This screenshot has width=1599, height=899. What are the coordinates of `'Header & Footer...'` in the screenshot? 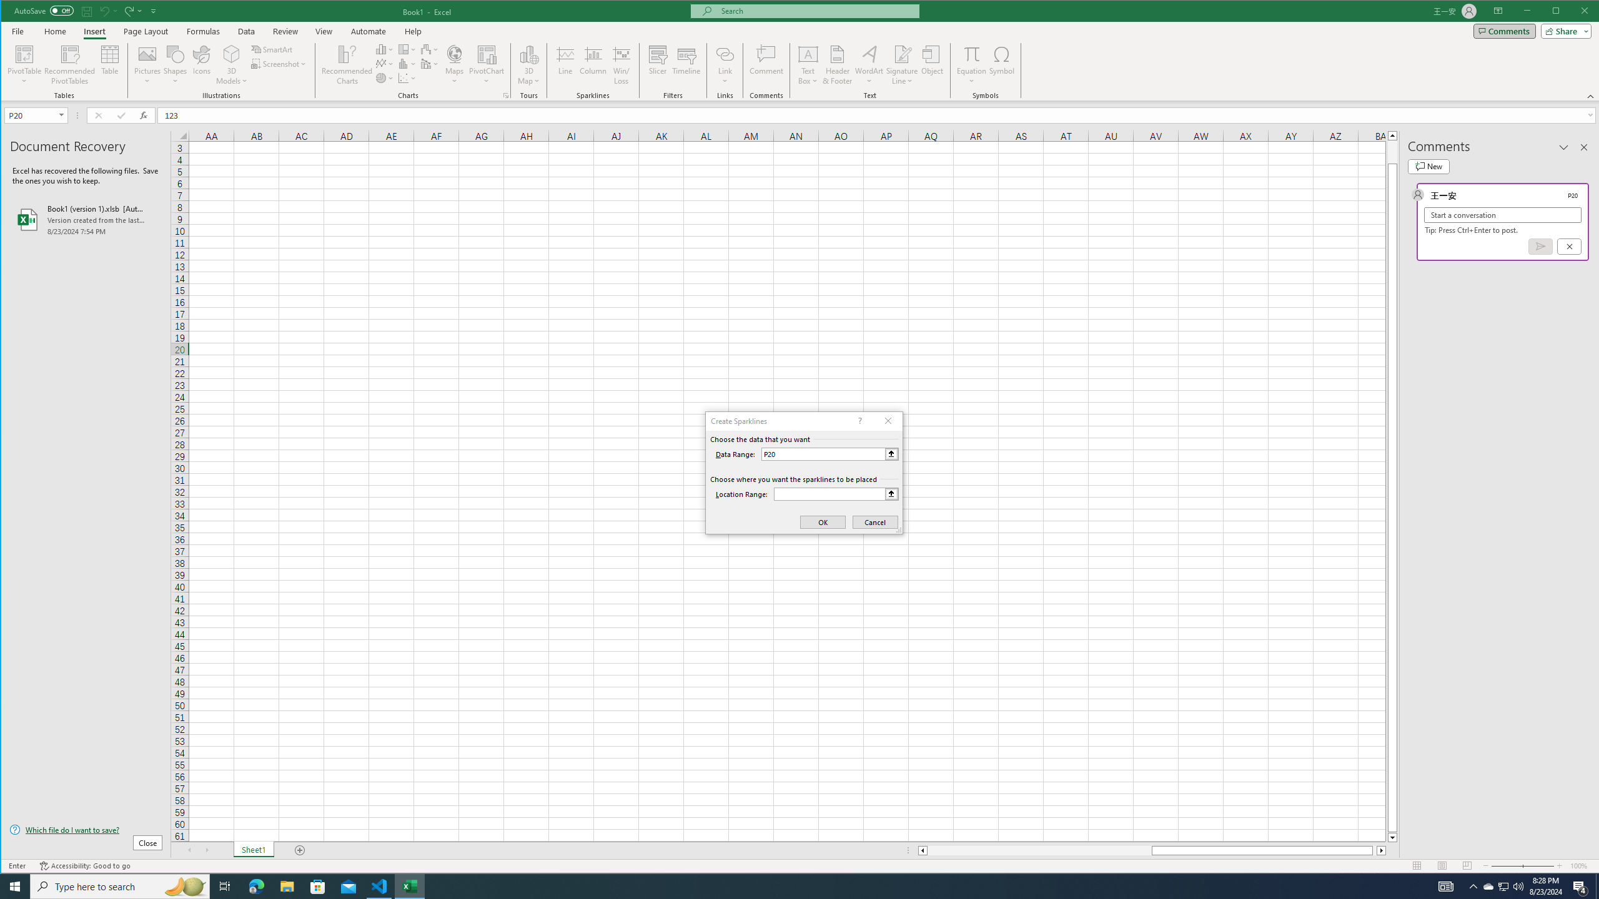 It's located at (838, 64).